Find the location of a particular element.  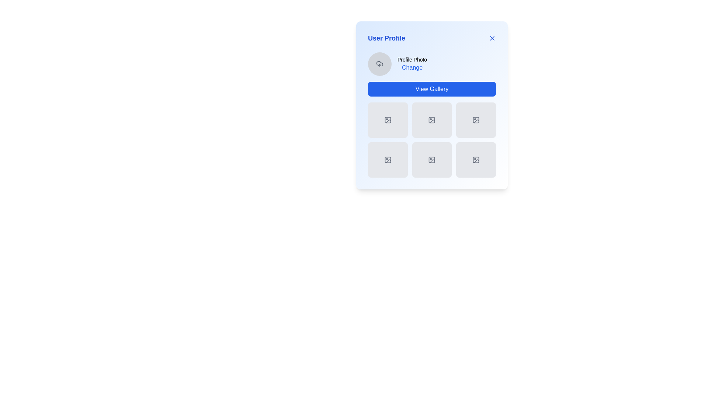

the Icon representing an image placeholder located as the third tile in the second row of a 3x2 grid within the modal labeled 'User Profile', which is positioned beneath the 'View Gallery' button is located at coordinates (476, 120).